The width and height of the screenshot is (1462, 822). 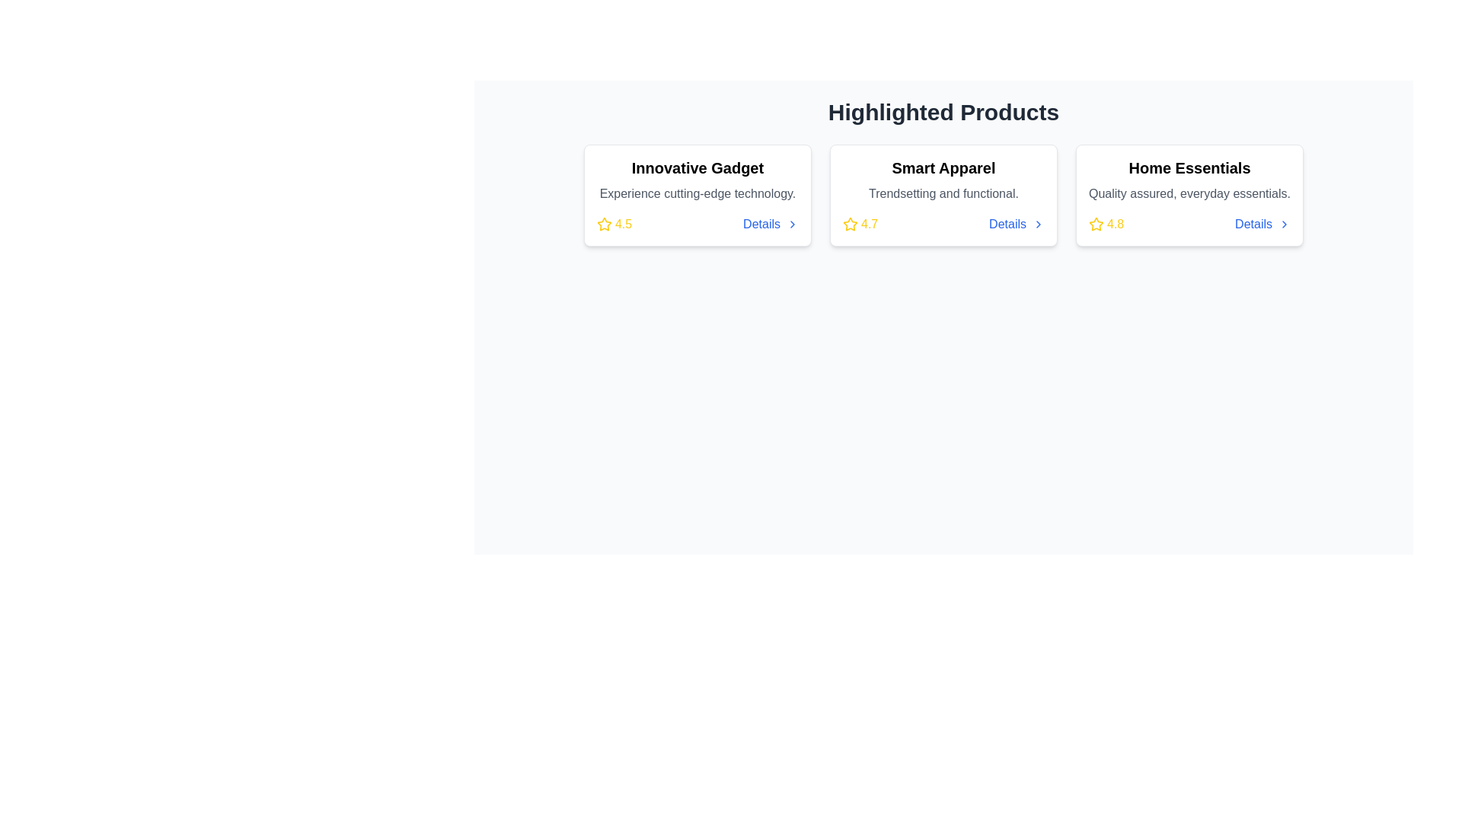 I want to click on rating value displayed in the text label located within the 'Smart Apparel' panel, positioned to the right of the star icon, so click(x=870, y=224).